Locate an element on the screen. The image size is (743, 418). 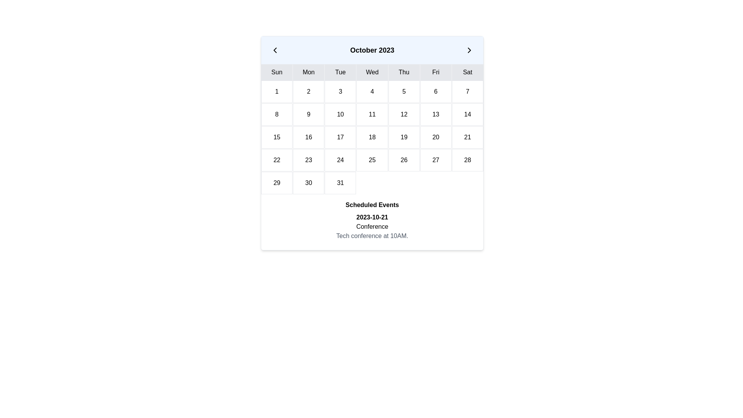
the forward navigation icon (chevron or arrow) located in the top-right corner of the interface is located at coordinates (469, 50).